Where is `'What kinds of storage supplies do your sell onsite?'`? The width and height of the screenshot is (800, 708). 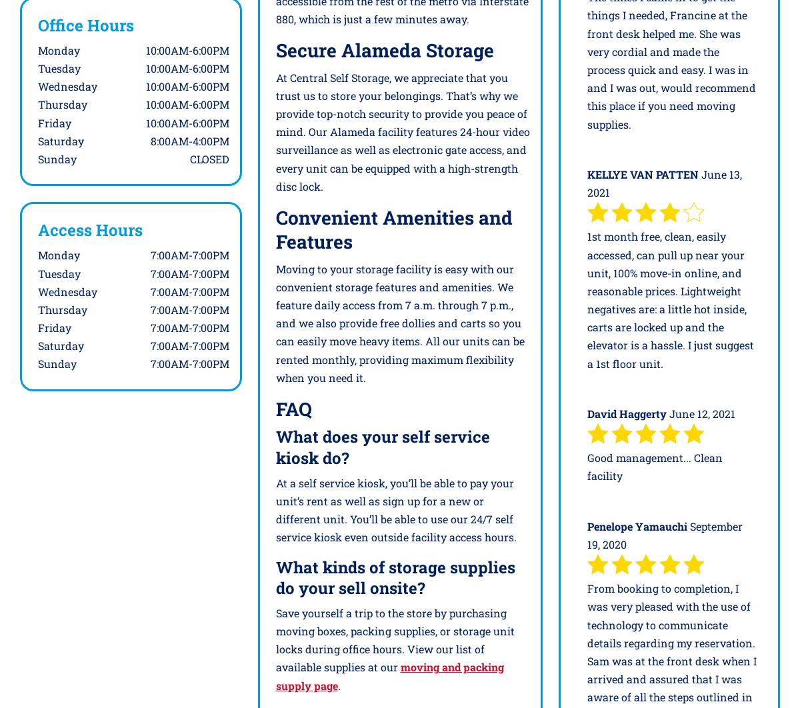
'What kinds of storage supplies do your sell onsite?' is located at coordinates (394, 576).